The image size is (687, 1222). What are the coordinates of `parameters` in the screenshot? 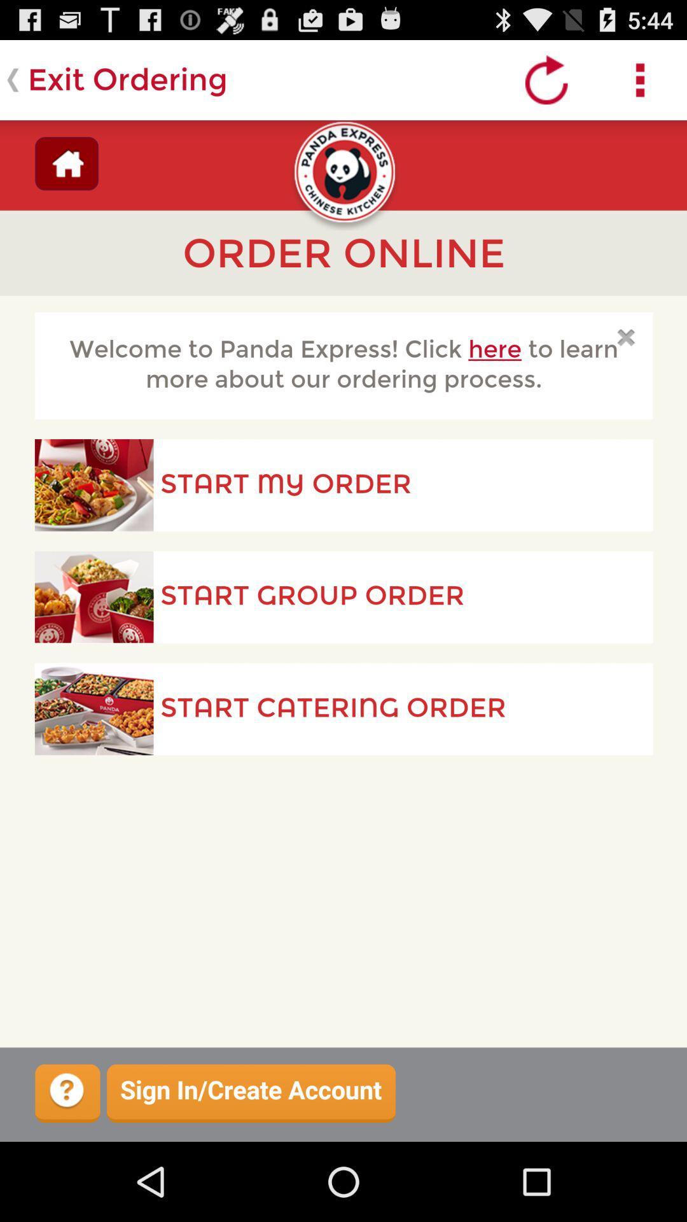 It's located at (640, 79).